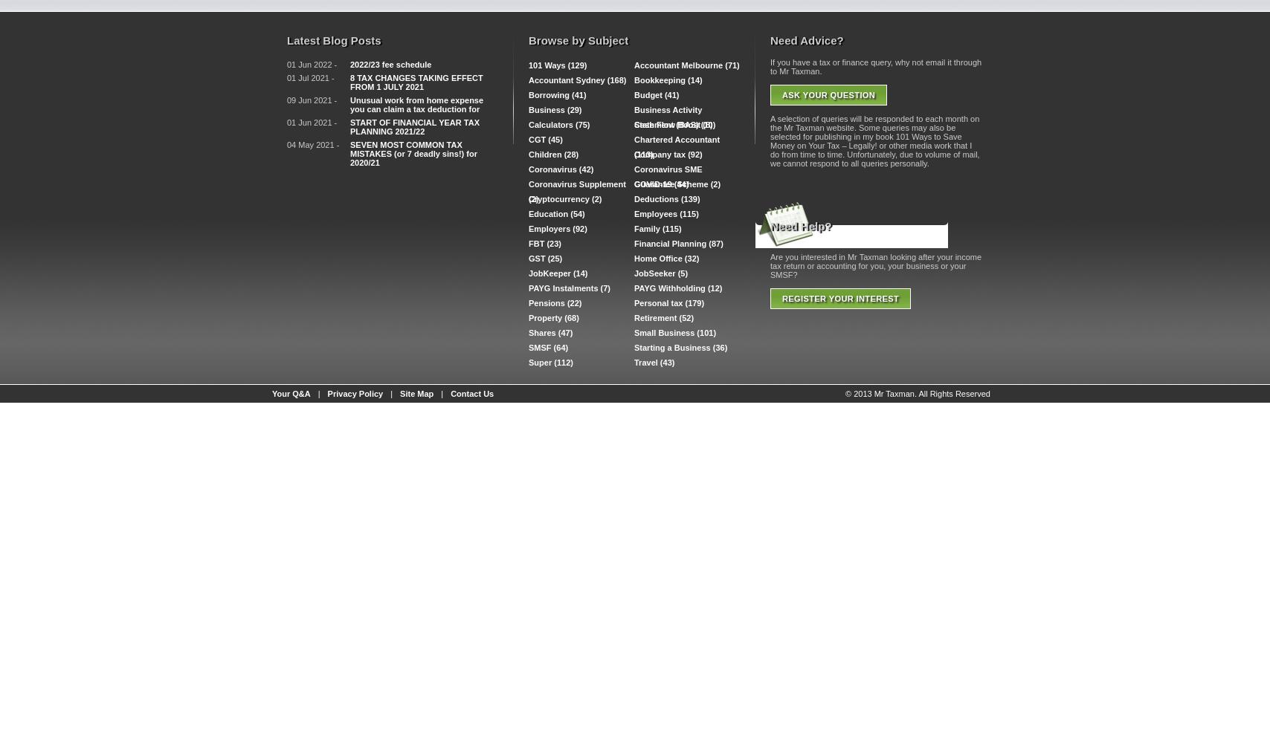 This screenshot has width=1270, height=743. What do you see at coordinates (349, 82) in the screenshot?
I see `'8 TAX CHANGES TAKING EFFECT FROM 1 JULY 2021'` at bounding box center [349, 82].